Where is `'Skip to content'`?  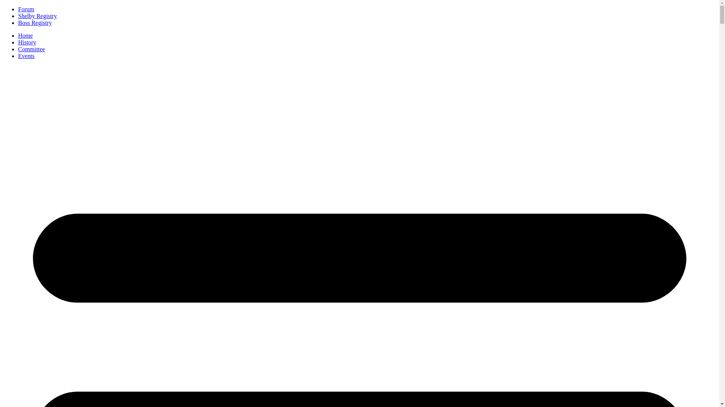
'Skip to content' is located at coordinates (3, 6).